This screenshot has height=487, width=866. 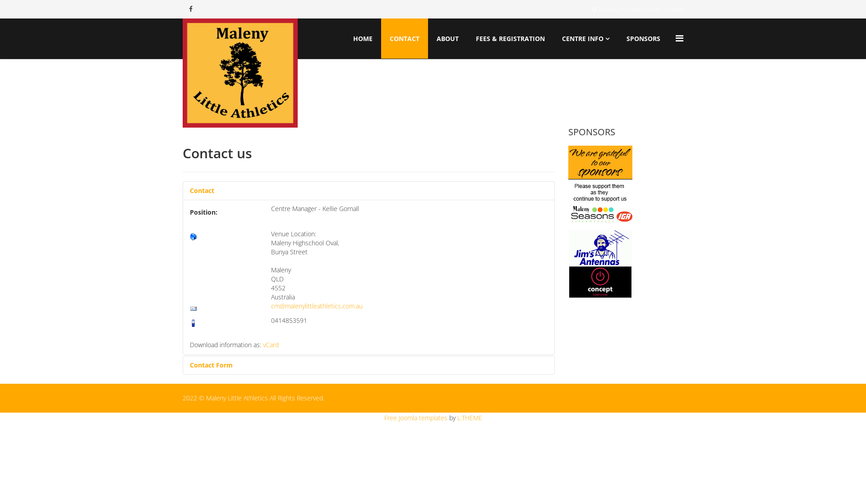 I want to click on 'Menu', so click(x=679, y=37).